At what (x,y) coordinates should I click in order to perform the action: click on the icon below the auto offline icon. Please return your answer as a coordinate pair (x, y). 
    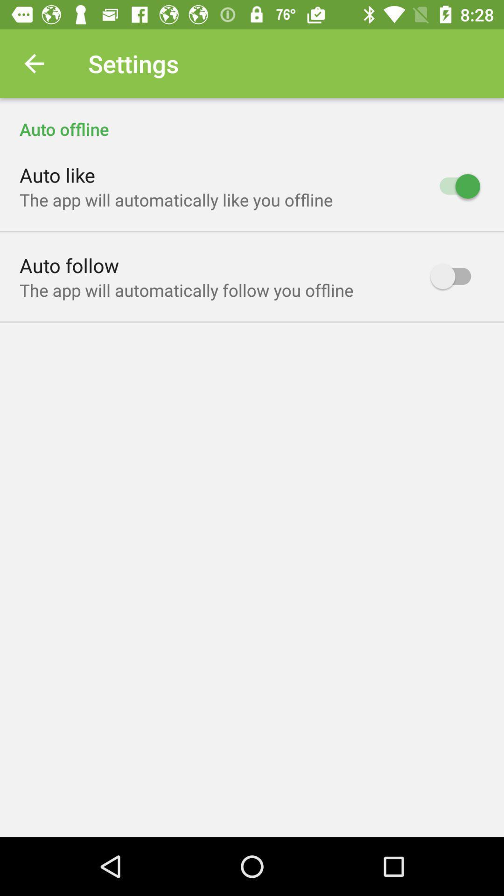
    Looking at the image, I should click on (57, 175).